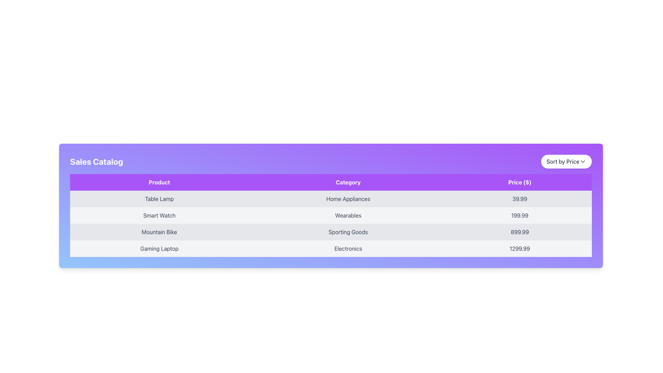  Describe the element at coordinates (159, 199) in the screenshot. I see `the Text Label displaying 'Table Lamp' in the product catalog table, which is positioned in the first cell of its row` at that location.